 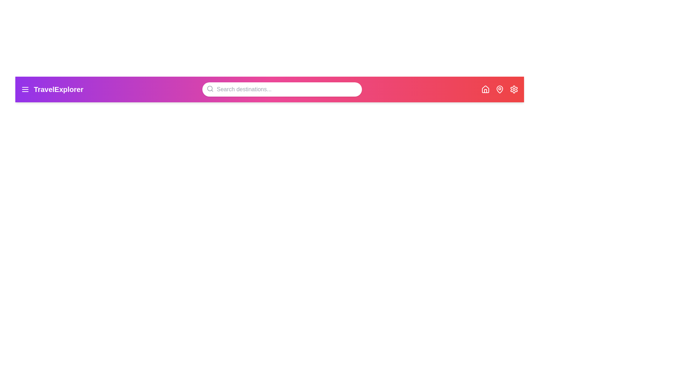 I want to click on the settings icon to access the settings, so click(x=514, y=89).